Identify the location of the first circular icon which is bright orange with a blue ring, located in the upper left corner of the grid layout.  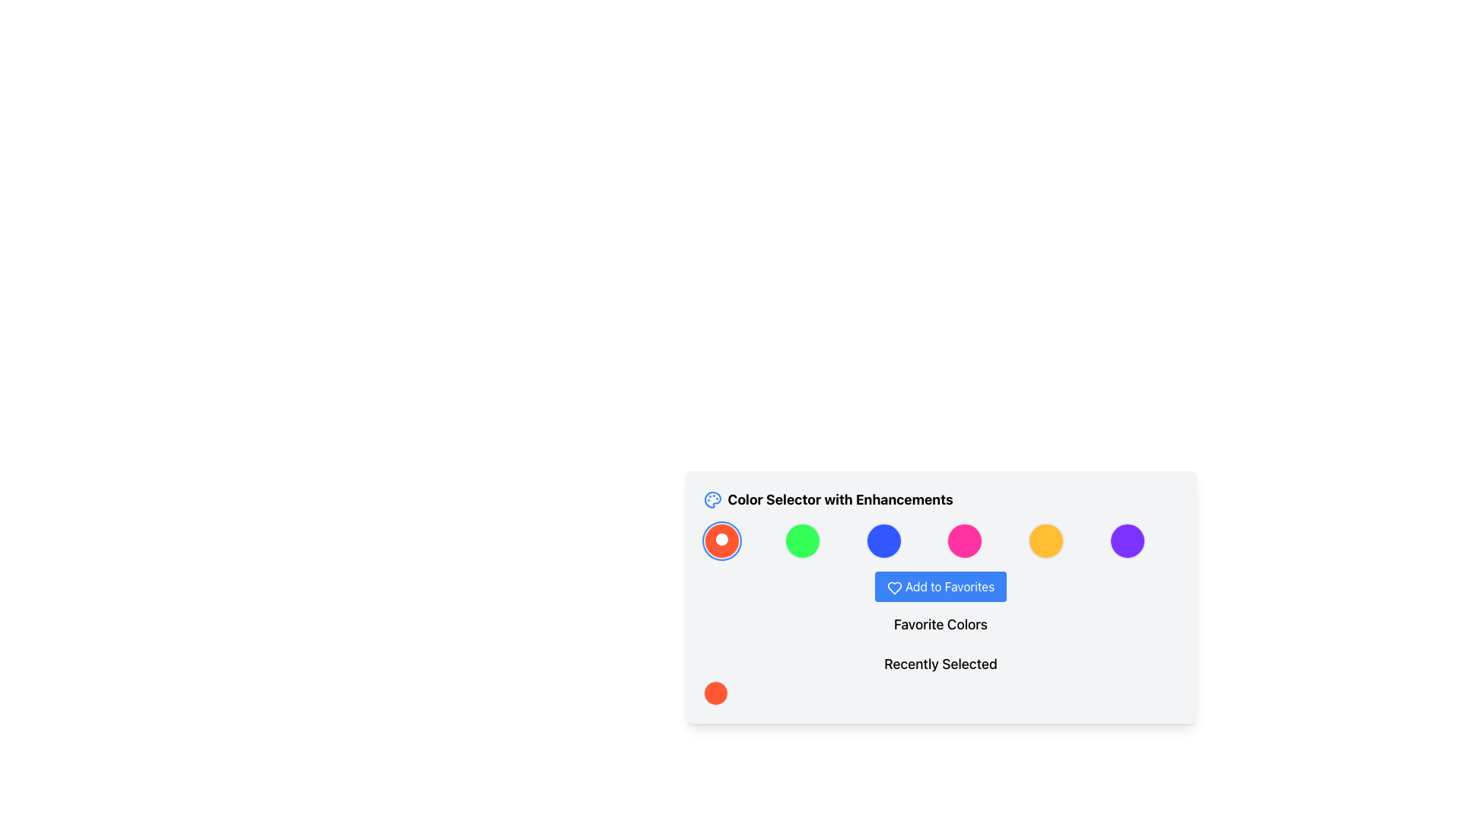
(721, 540).